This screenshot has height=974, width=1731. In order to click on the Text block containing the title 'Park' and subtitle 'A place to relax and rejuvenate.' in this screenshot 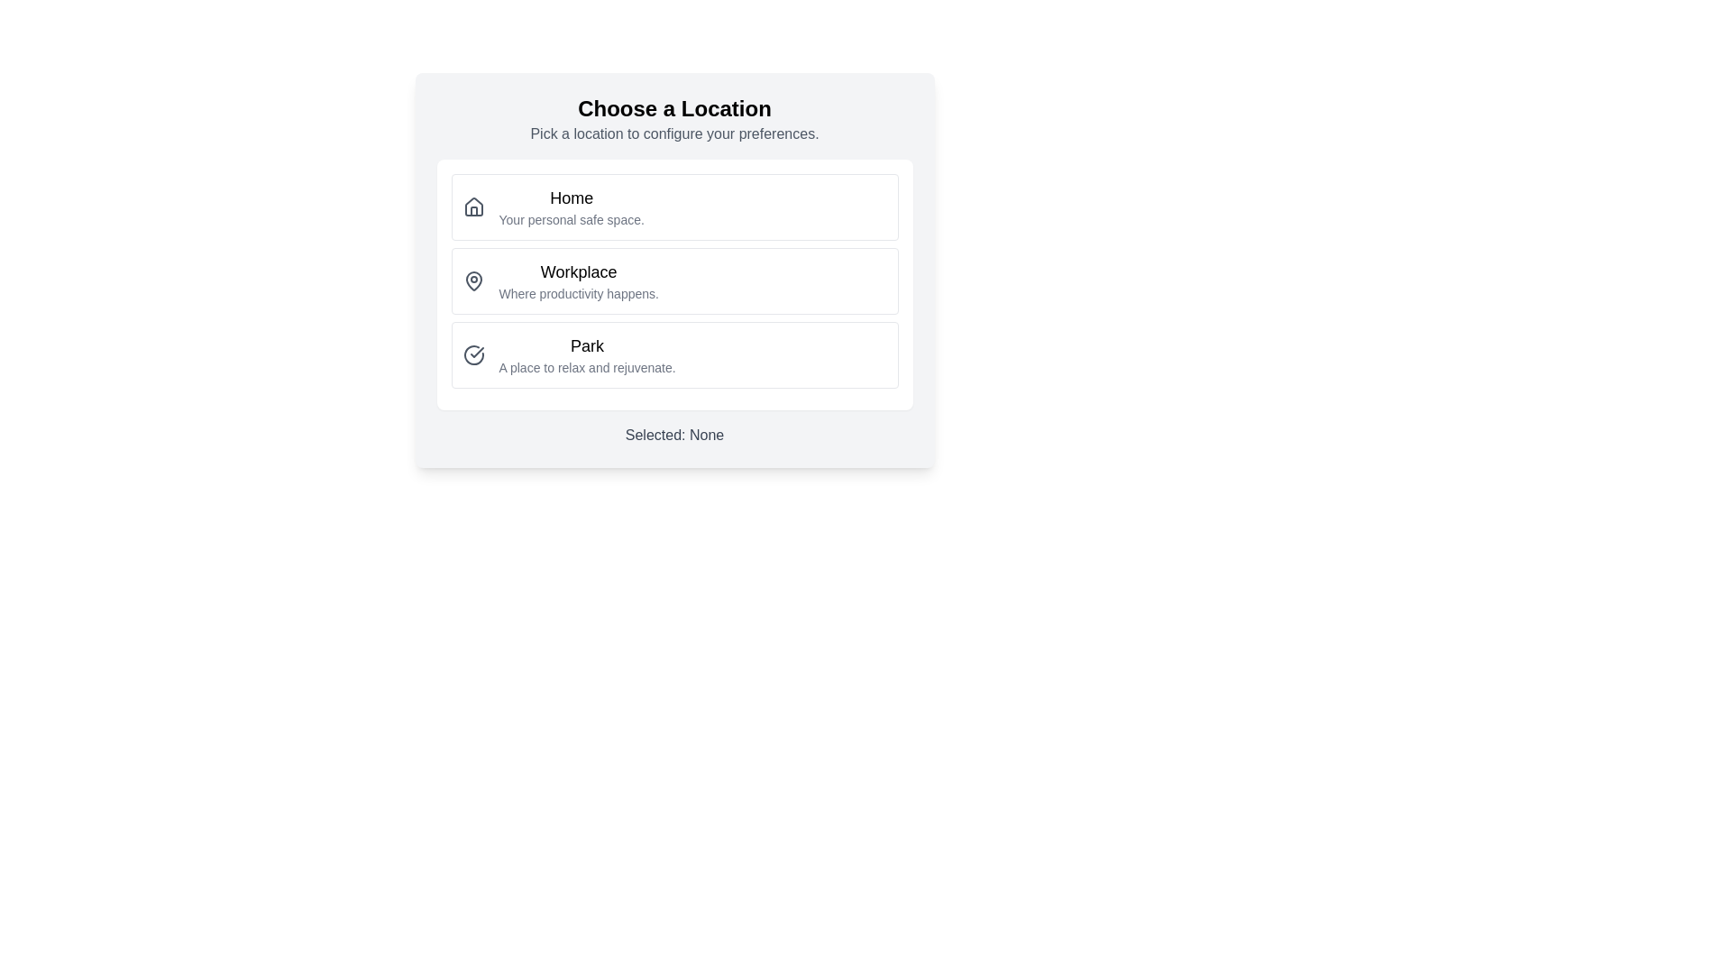, I will do `click(587, 354)`.